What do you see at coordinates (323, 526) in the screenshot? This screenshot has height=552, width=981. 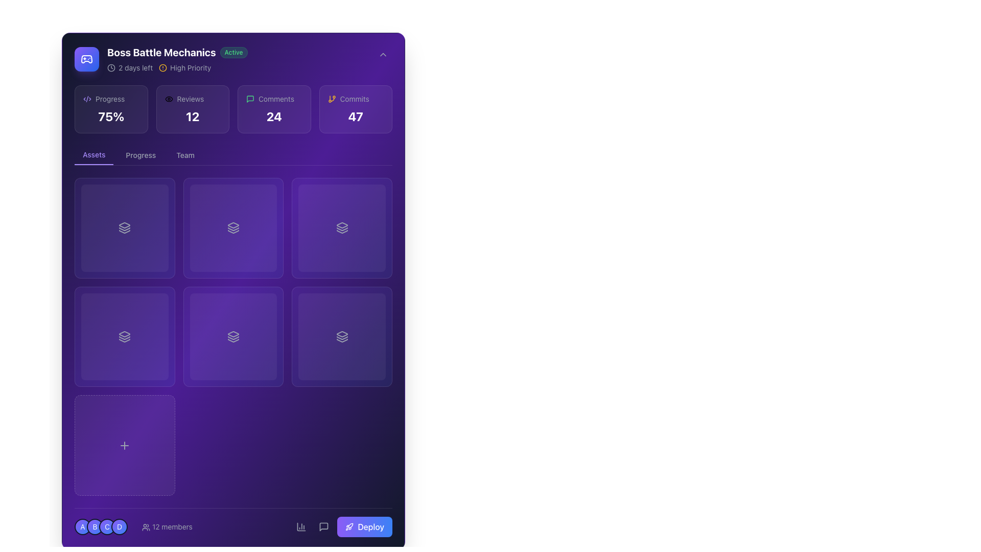 I see `the message bubble icon located at the bottom-right corner of the interface` at bounding box center [323, 526].